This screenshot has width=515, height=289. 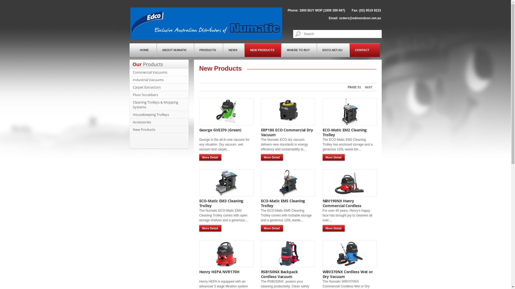 What do you see at coordinates (263, 50) in the screenshot?
I see `'NEW PRODUCTS'` at bounding box center [263, 50].